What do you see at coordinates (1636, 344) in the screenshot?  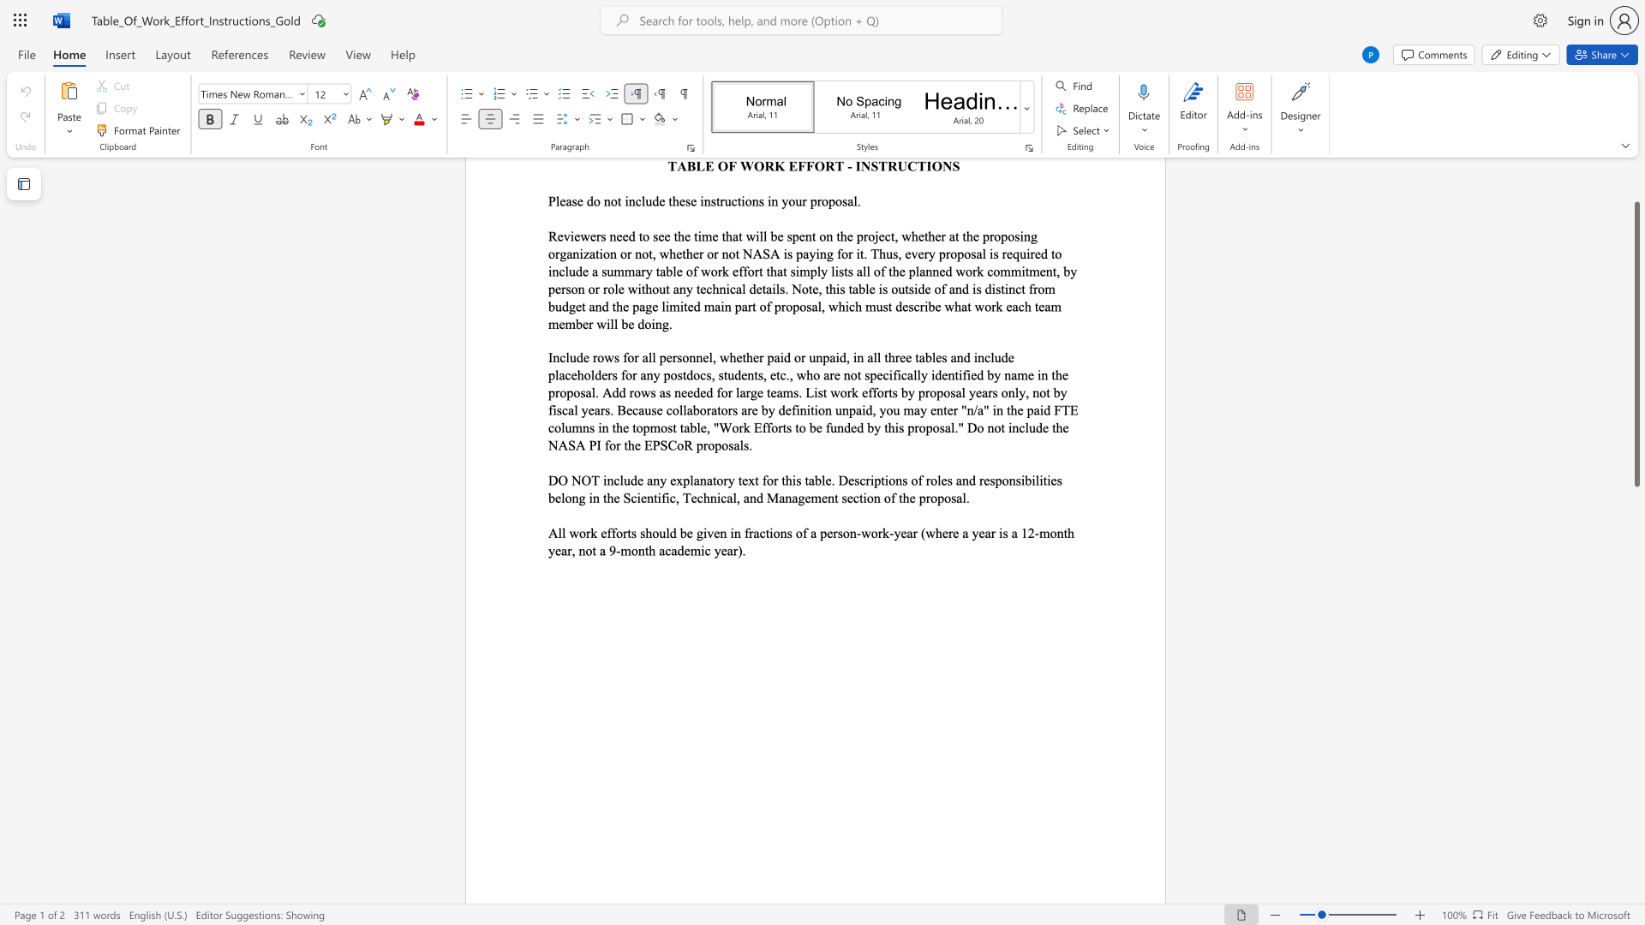 I see `the scrollbar and move down 440 pixels` at bounding box center [1636, 344].